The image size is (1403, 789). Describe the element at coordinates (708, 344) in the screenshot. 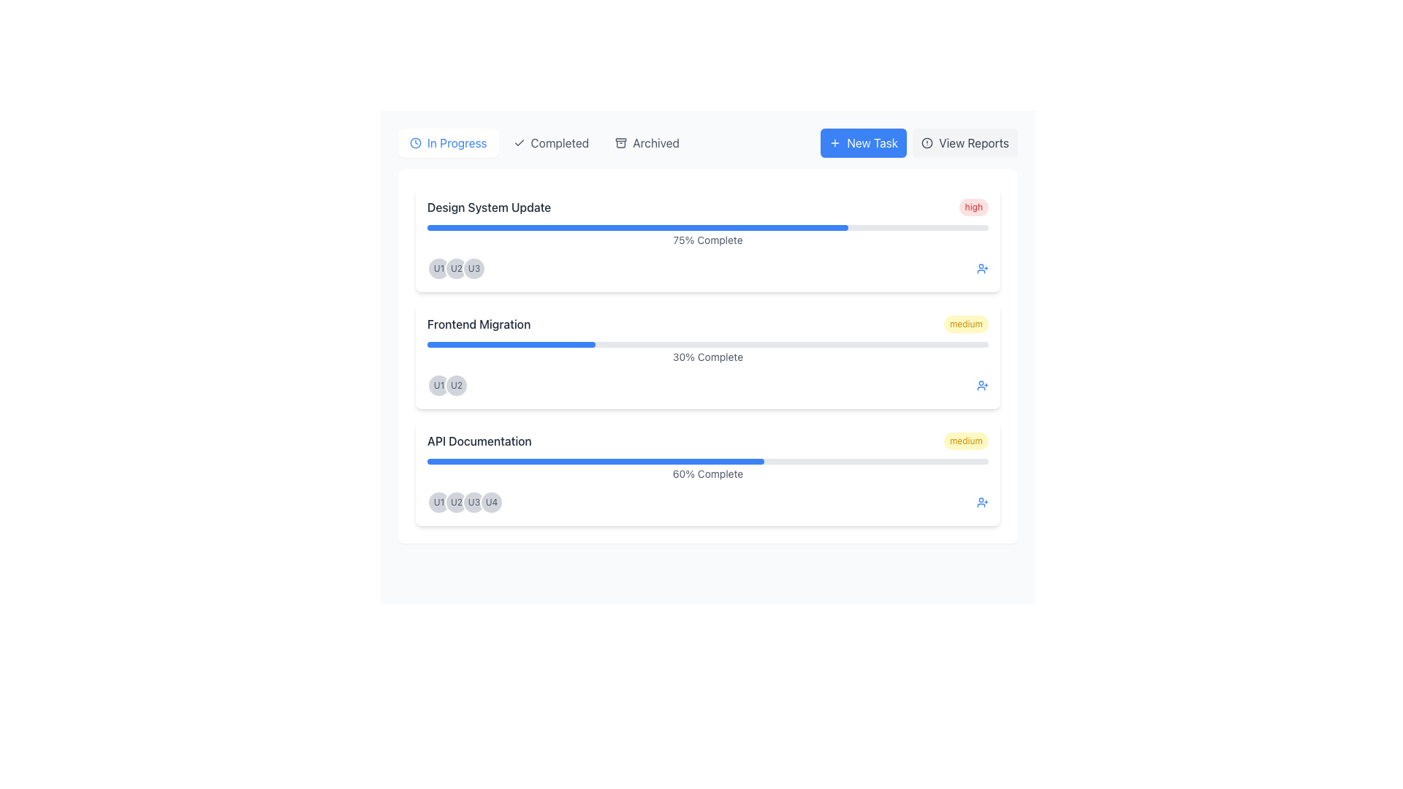

I see `the horizontal progress bar with a gray background and blue fill that indicates 30% completion, located in the 'Frontend Migration' section` at that location.